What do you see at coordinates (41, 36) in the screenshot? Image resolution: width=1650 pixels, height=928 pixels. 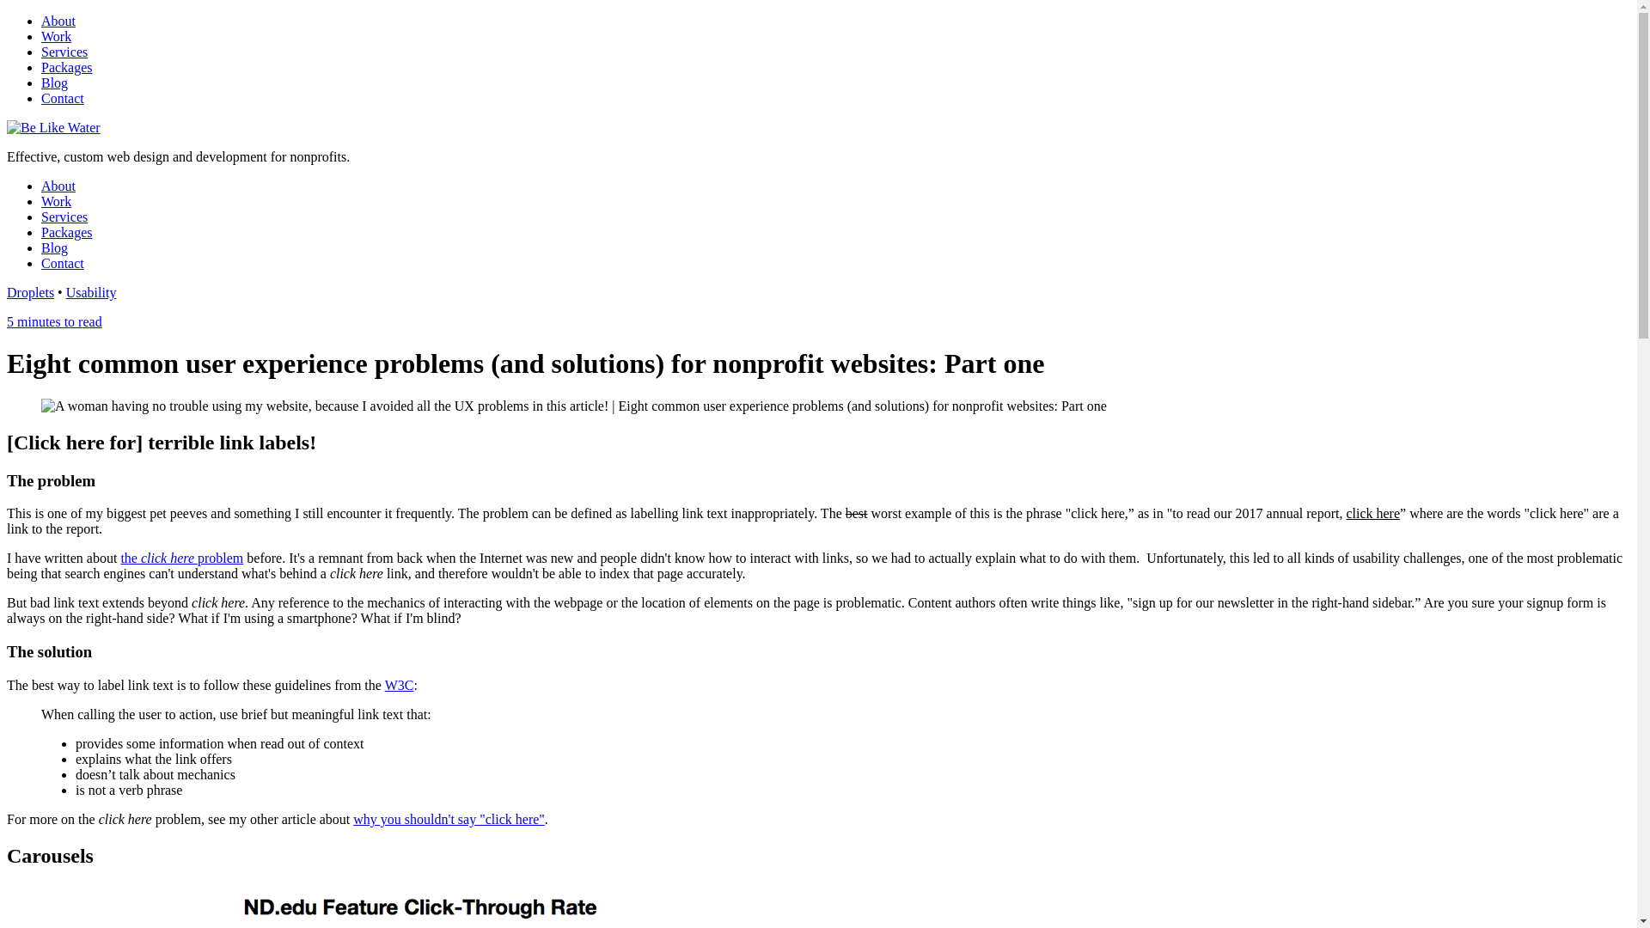 I see `'Work'` at bounding box center [41, 36].